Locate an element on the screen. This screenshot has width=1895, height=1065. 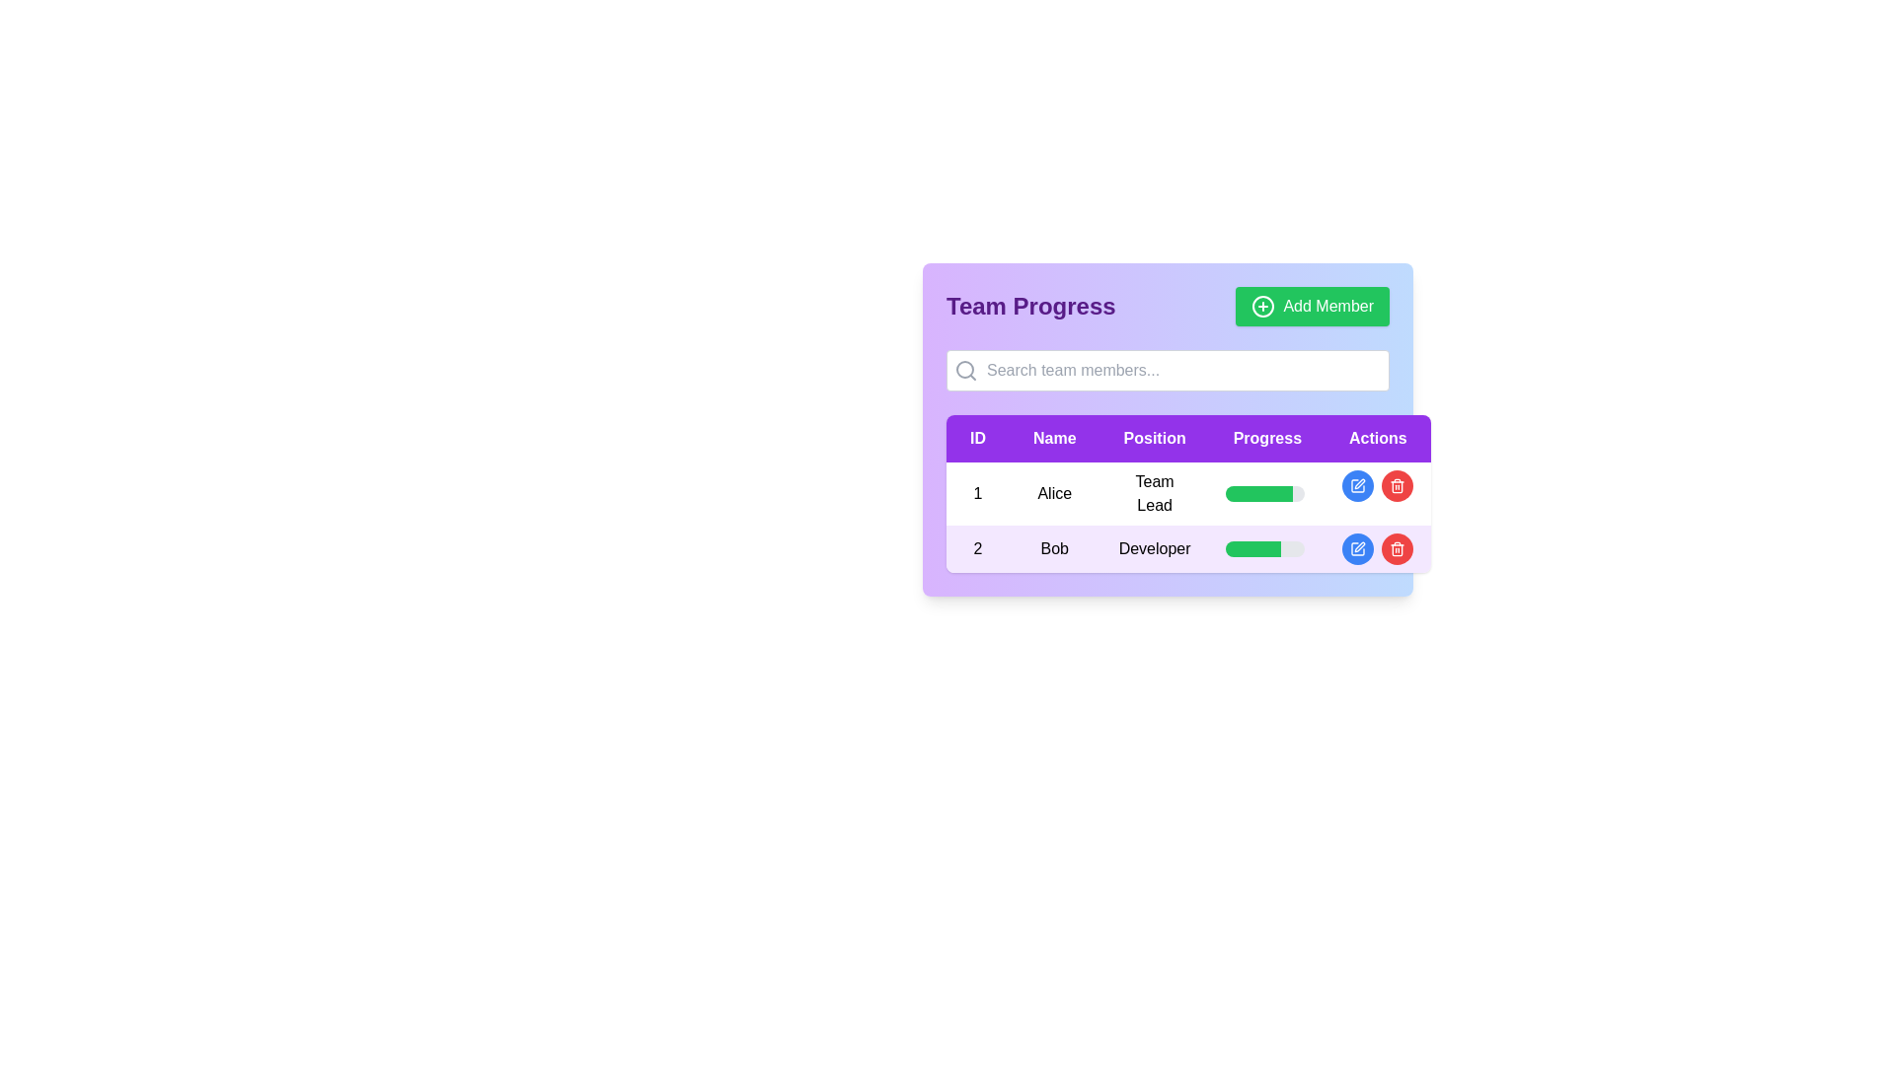
the first button in the 'Actions' column of the row corresponding to 'Bob' to edit the entry details is located at coordinates (1359, 547).